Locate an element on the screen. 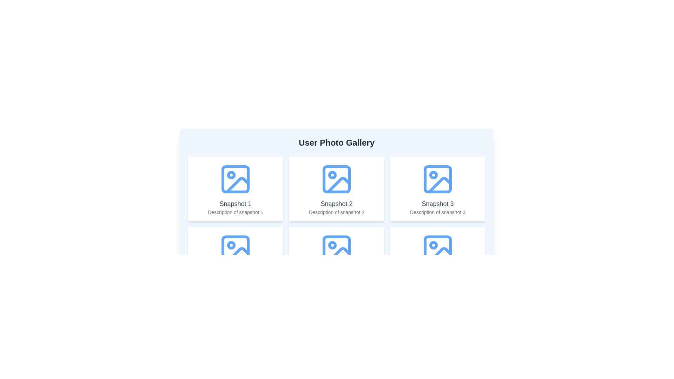 The height and width of the screenshot is (379, 674). the Circle element located in the top-left corner of the first snapshot in the SVG graphic of the photo gallery is located at coordinates (231, 174).